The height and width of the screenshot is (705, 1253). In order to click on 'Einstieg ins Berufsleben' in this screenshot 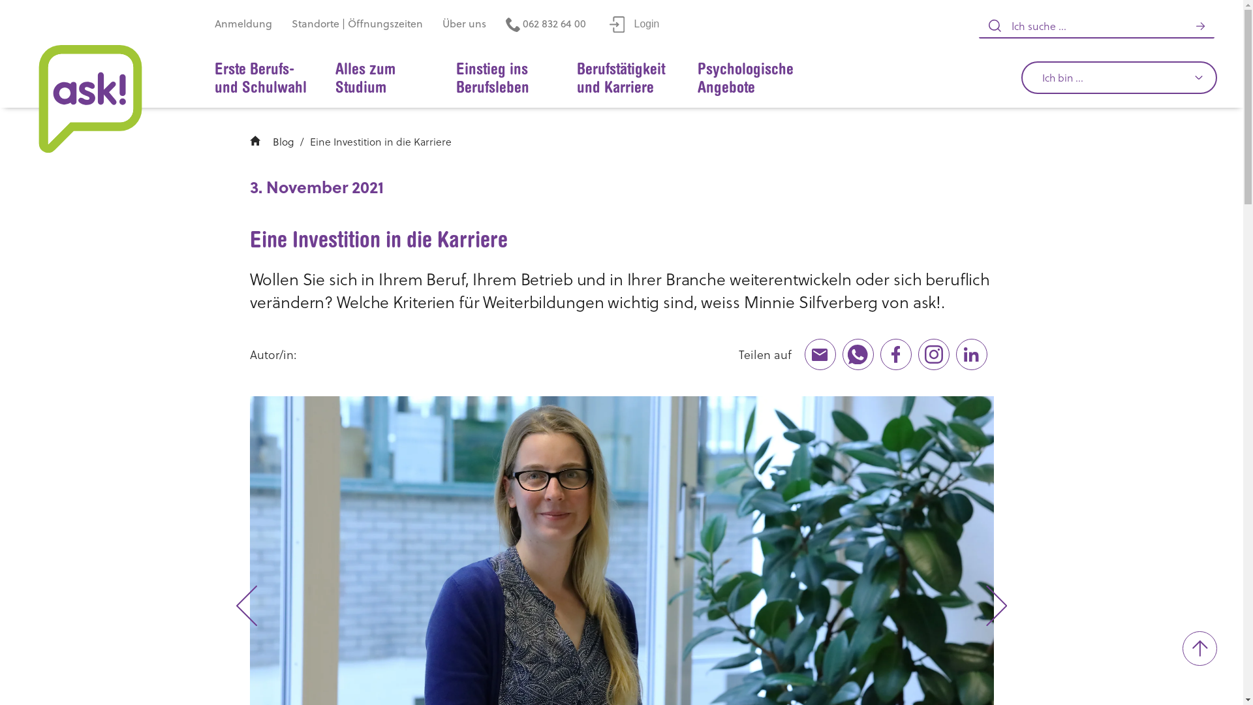, I will do `click(442, 78)`.